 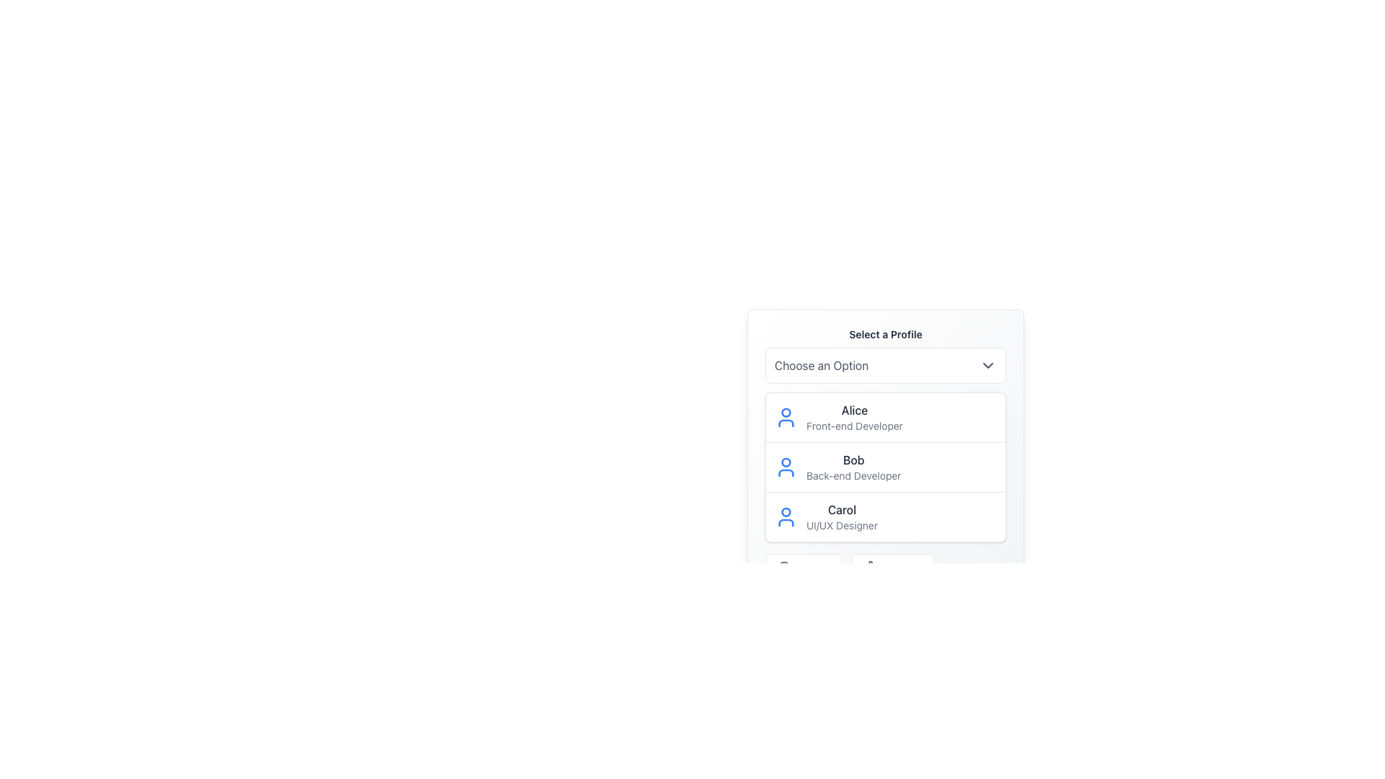 I want to click on the selectable option labeled 'Carol' with the subtitle 'UI/UX Designer', so click(x=826, y=516).